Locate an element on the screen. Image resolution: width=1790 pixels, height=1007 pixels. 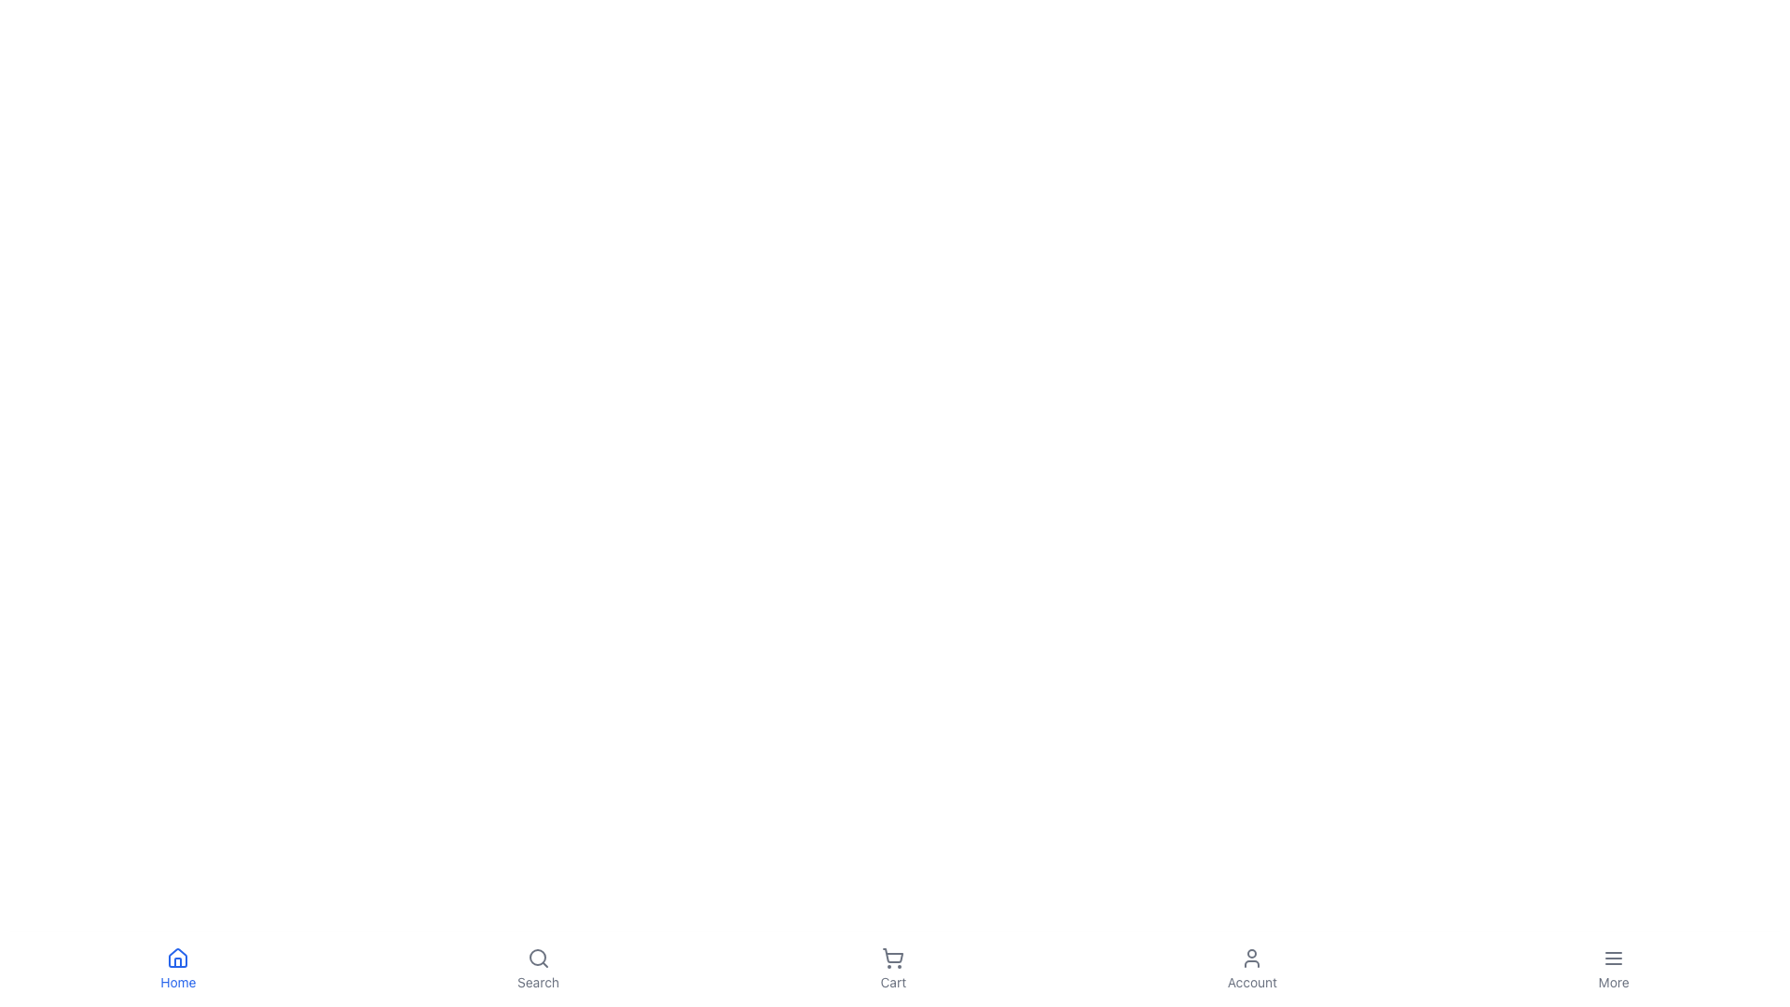
the 'More' button icon located at the far right of the bottom navigation bar is located at coordinates (1613, 959).